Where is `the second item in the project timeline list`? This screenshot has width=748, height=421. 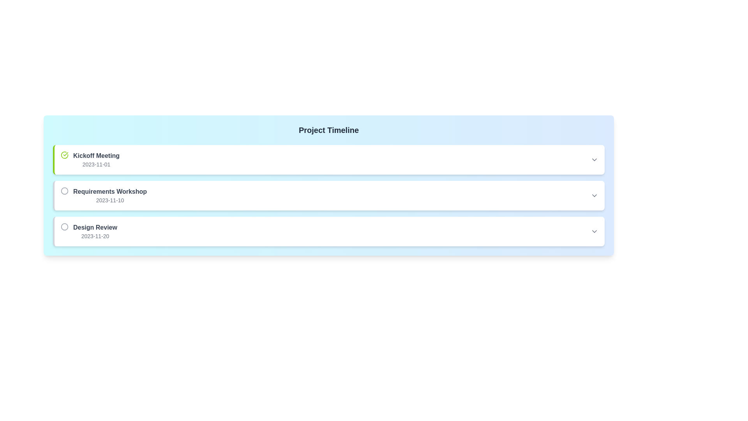 the second item in the project timeline list is located at coordinates (103, 195).